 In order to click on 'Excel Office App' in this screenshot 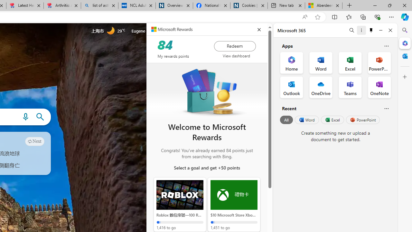, I will do `click(350, 63)`.